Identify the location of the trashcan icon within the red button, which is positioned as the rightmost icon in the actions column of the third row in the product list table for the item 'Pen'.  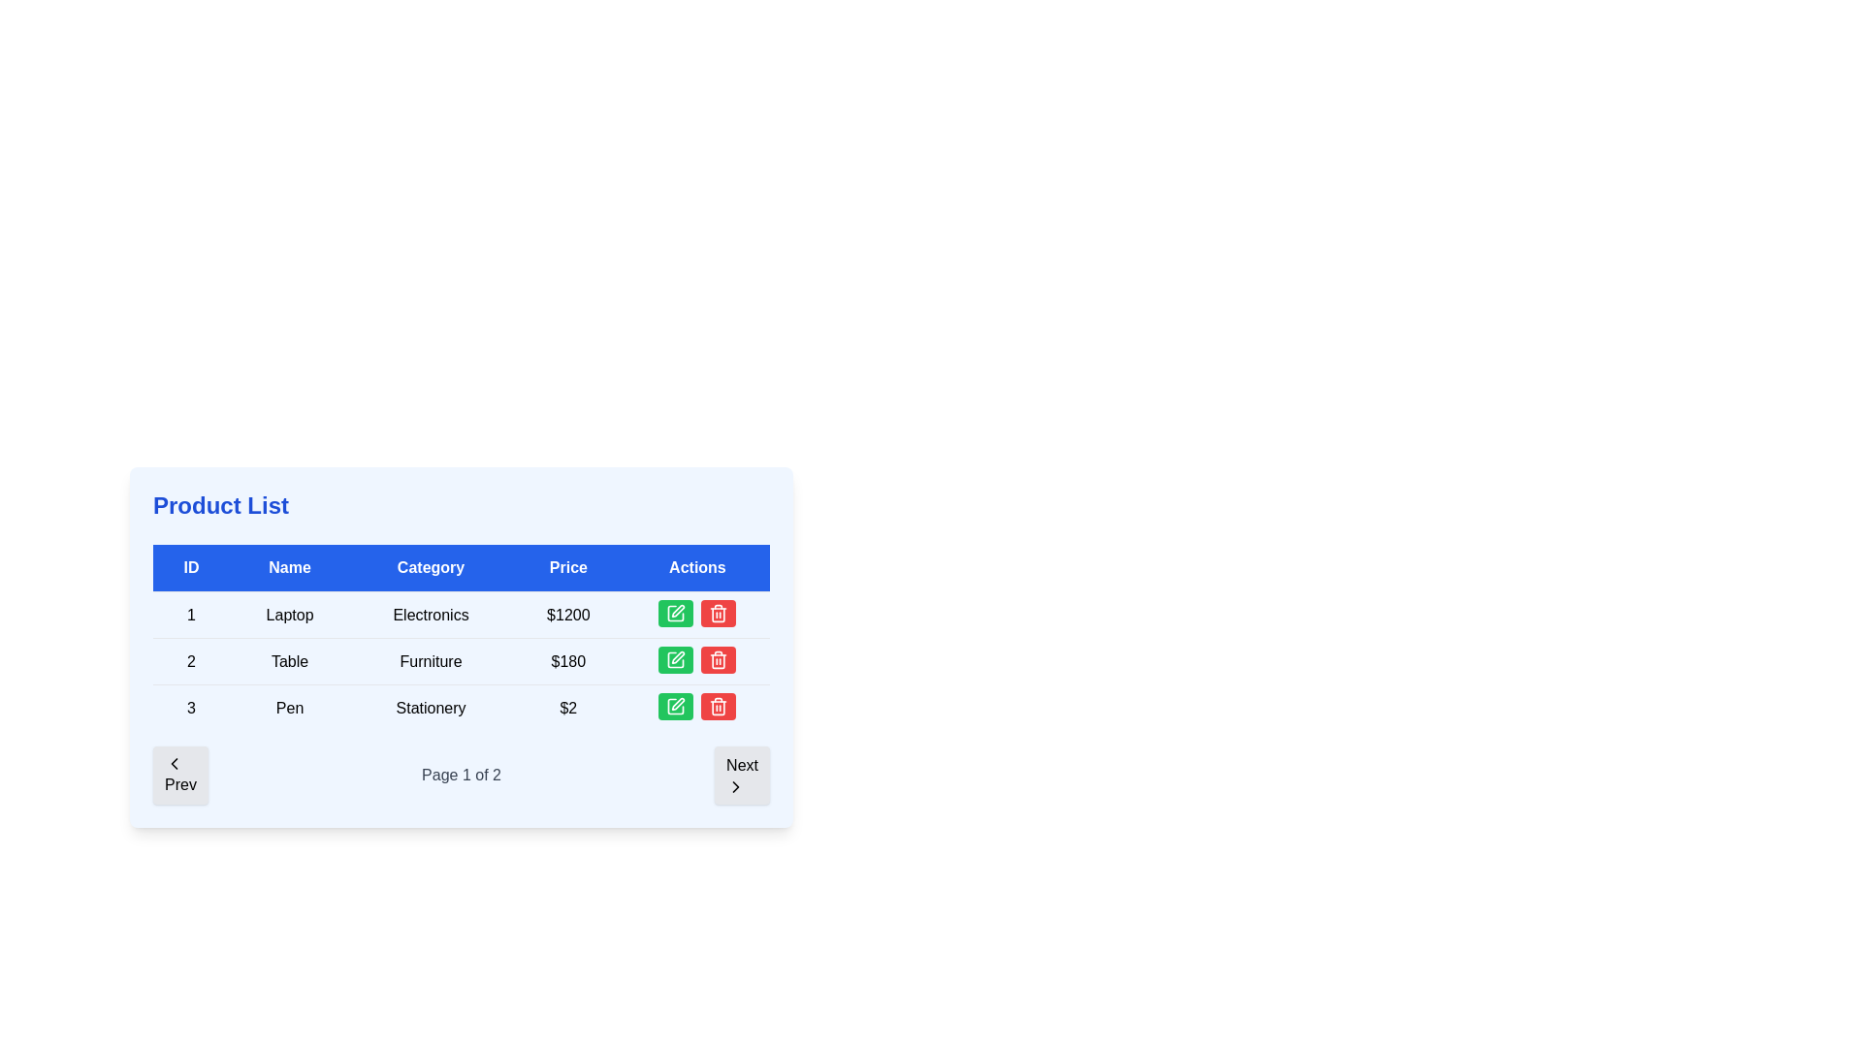
(718, 613).